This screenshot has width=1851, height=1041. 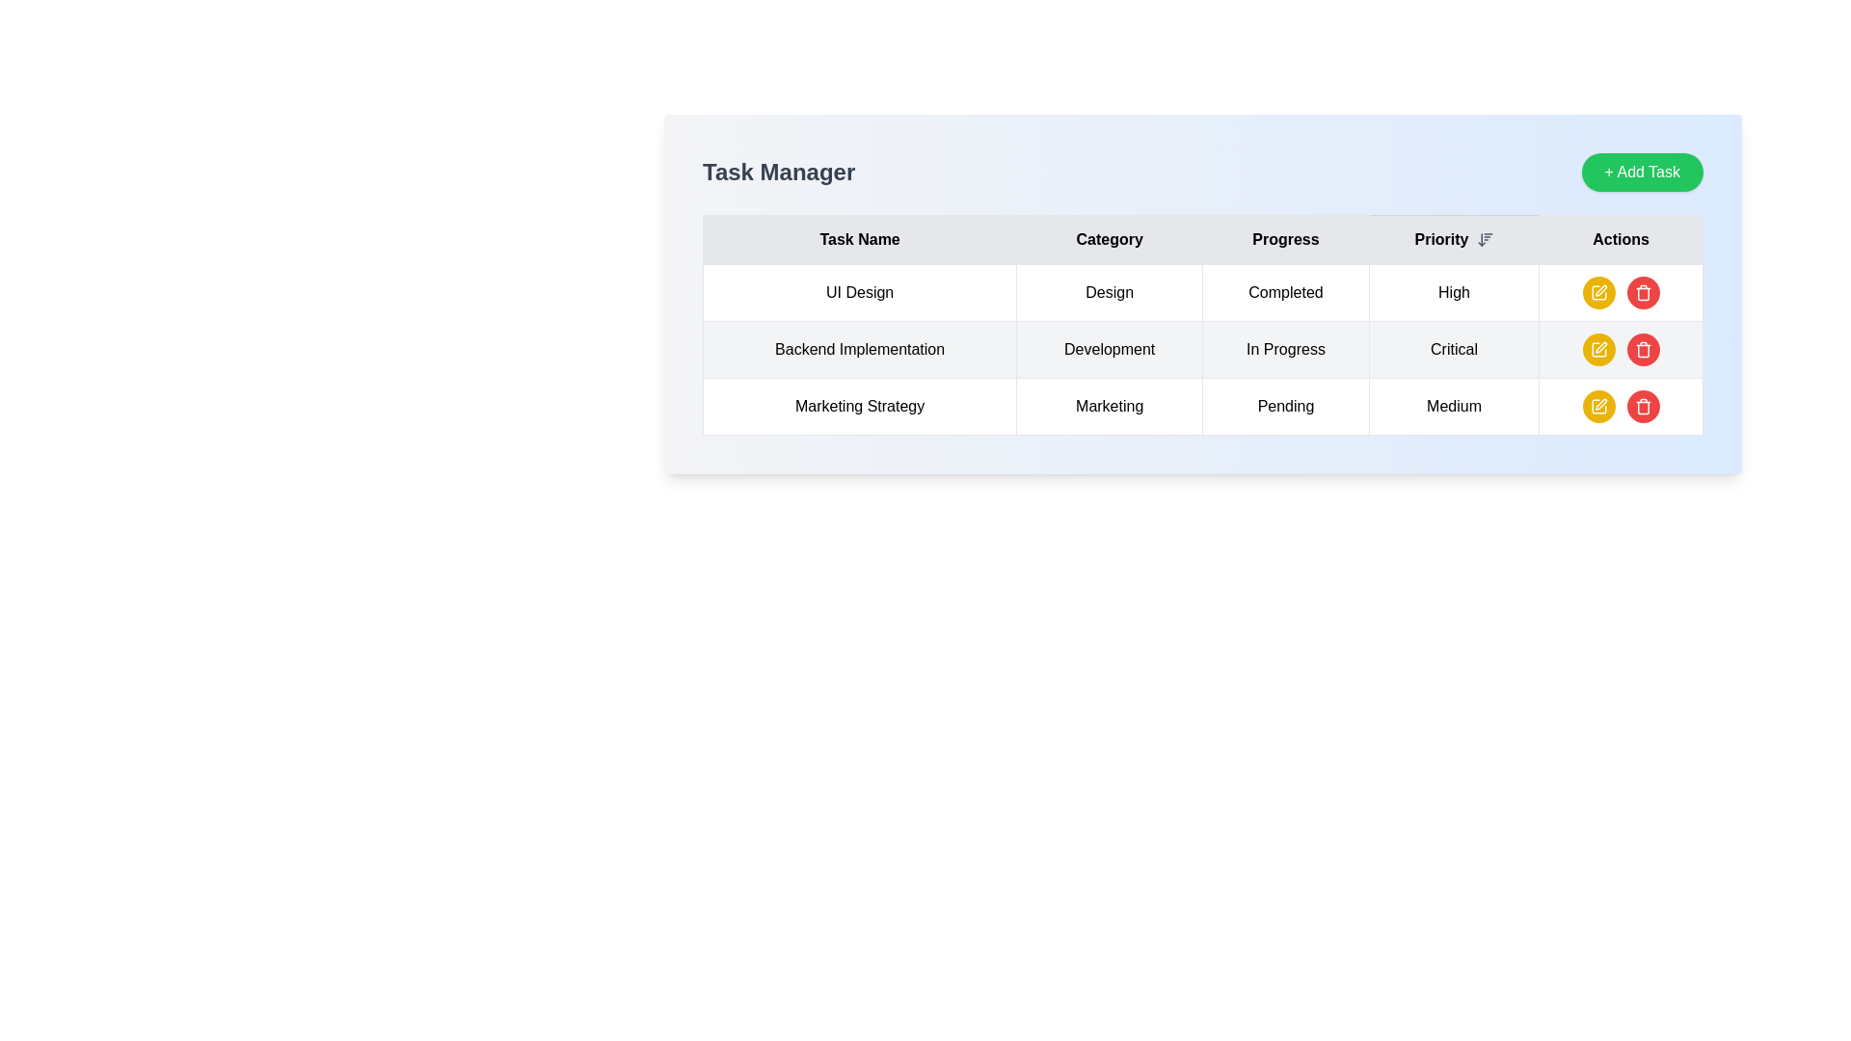 I want to click on the pen icon representing the edit action located in the Actions column of the third row of the table, adjacent to the Marketing Strategy task, so click(x=1600, y=290).